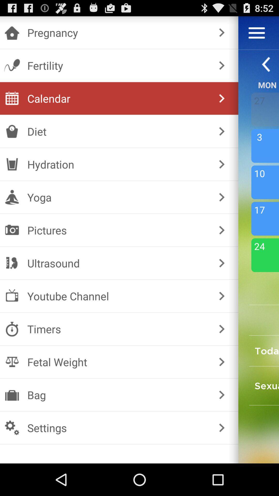  Describe the element at coordinates (118, 263) in the screenshot. I see `the item above youtube channel icon` at that location.